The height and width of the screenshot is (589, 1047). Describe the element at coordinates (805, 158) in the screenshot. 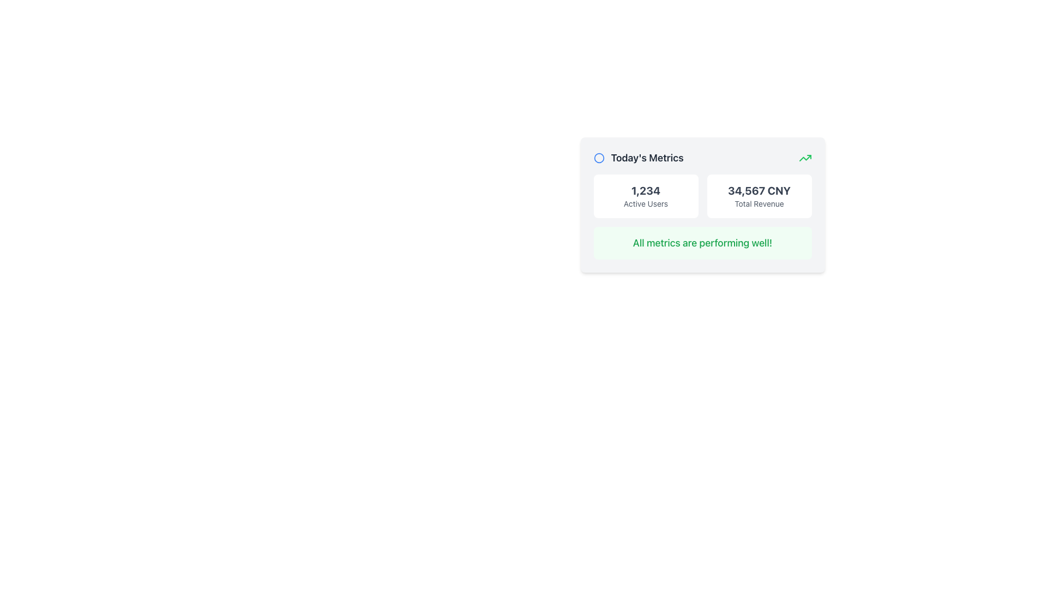

I see `the upward-trending green arrow icon located in the top-right corner of the 'Today's Metrics' section` at that location.